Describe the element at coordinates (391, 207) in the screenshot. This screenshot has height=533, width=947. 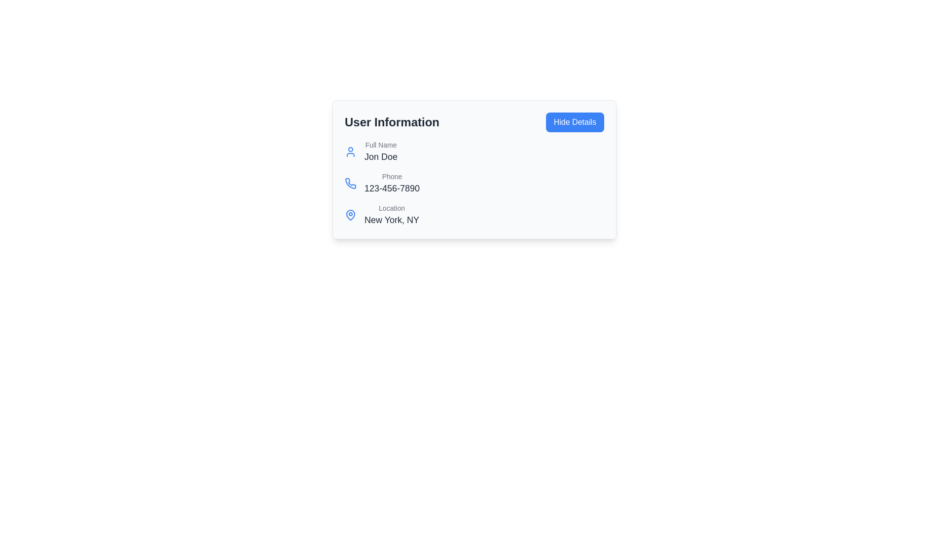
I see `the non-interactive label providing a textual description for the location information in the 'User Information' section, positioned above the text element displaying 'New York, NY'` at that location.